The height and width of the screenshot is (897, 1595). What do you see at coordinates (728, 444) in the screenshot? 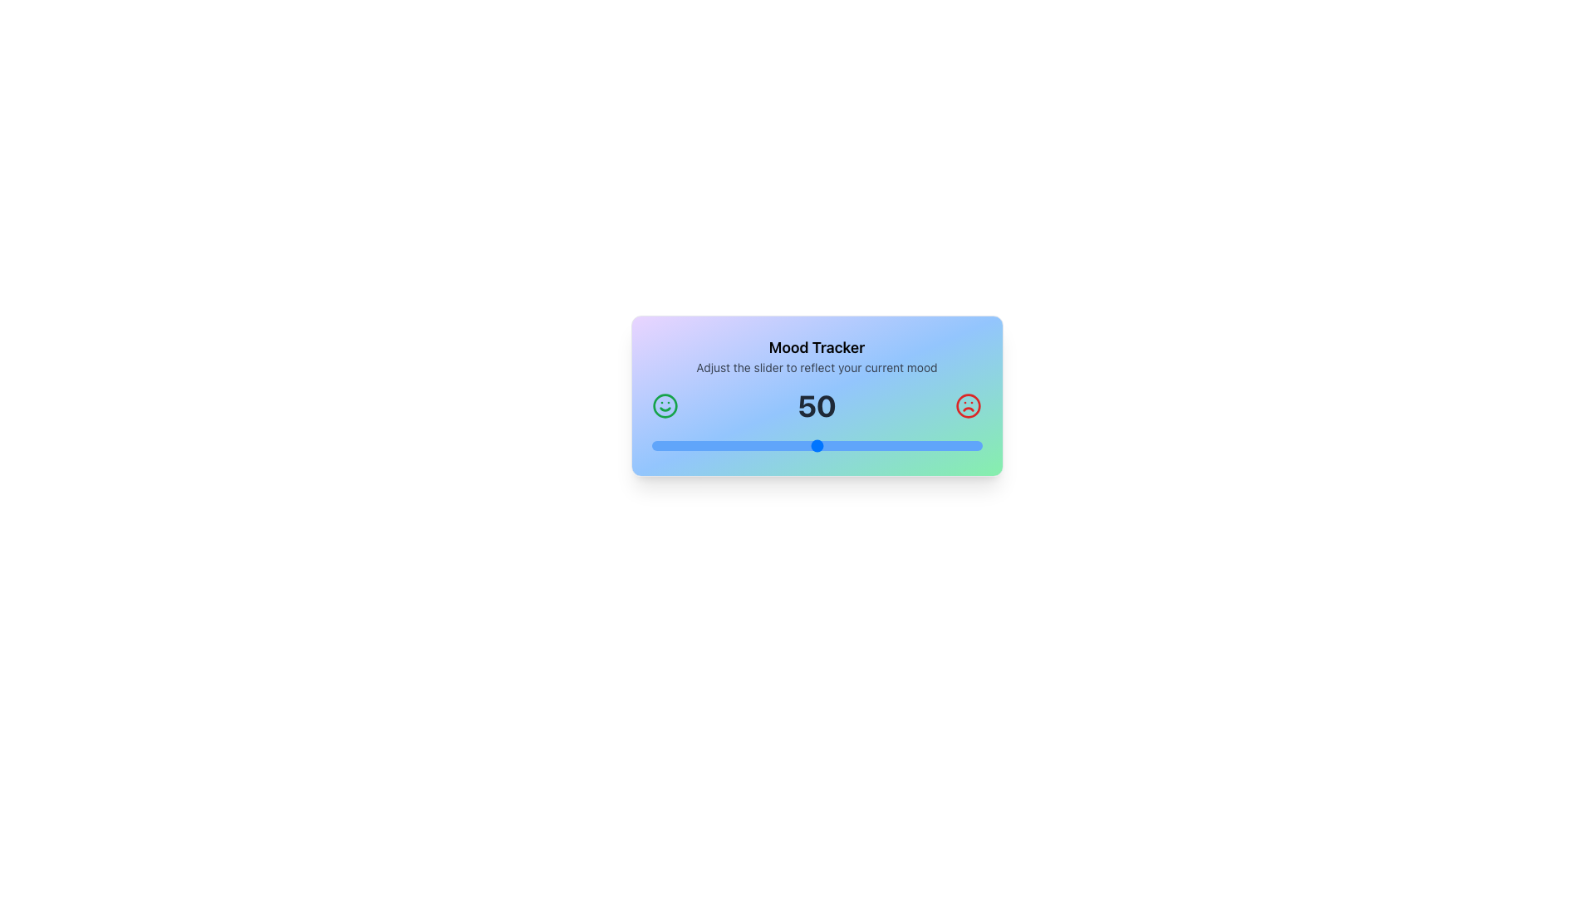
I see `the mood slider value` at bounding box center [728, 444].